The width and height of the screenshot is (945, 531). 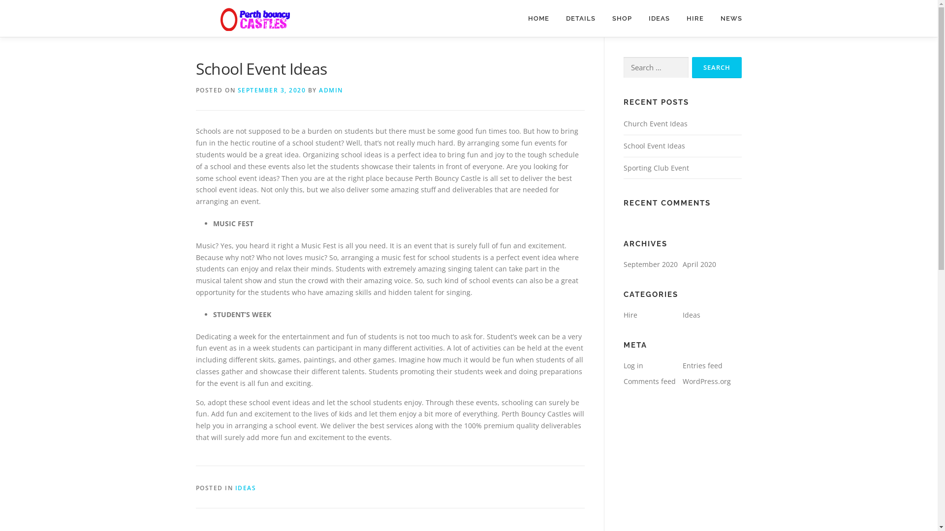 I want to click on 'Search', so click(x=717, y=67).